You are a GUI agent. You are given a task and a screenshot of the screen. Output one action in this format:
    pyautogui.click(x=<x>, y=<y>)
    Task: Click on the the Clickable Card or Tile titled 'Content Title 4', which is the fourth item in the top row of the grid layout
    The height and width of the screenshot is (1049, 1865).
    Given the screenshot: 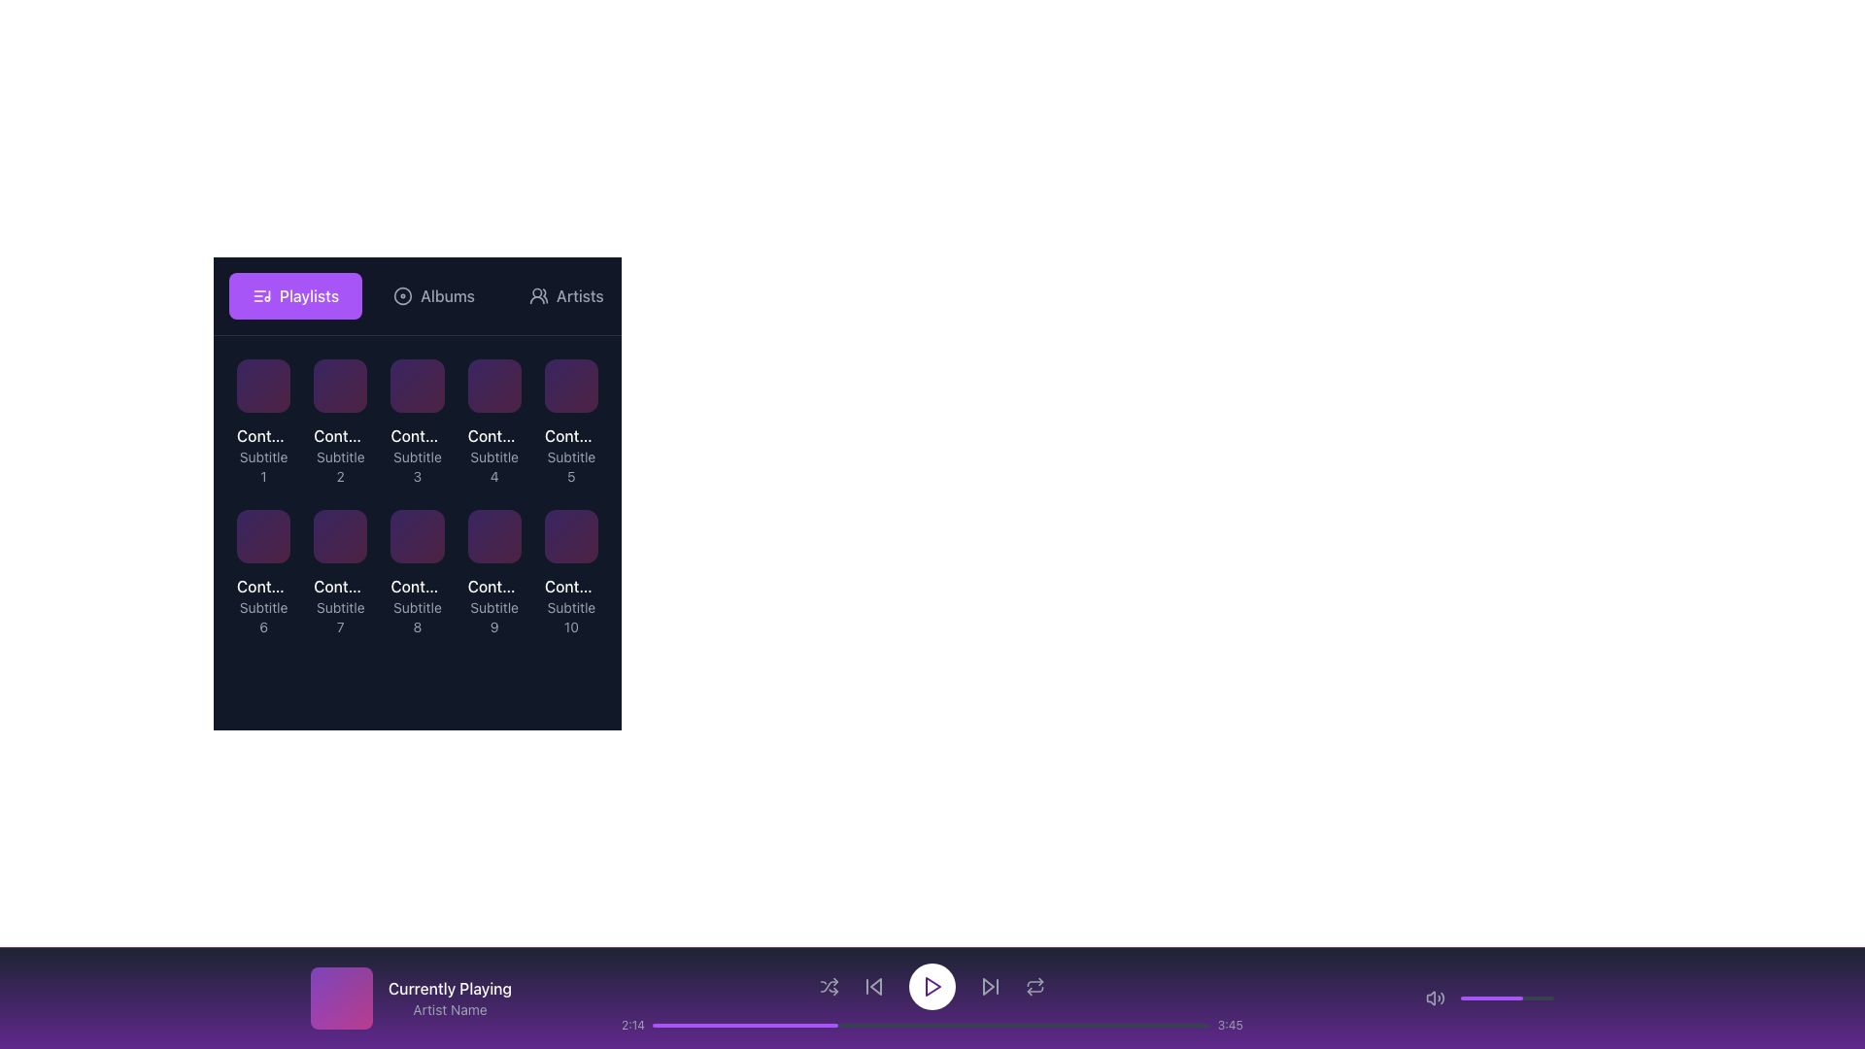 What is the action you would take?
    pyautogui.click(x=493, y=456)
    